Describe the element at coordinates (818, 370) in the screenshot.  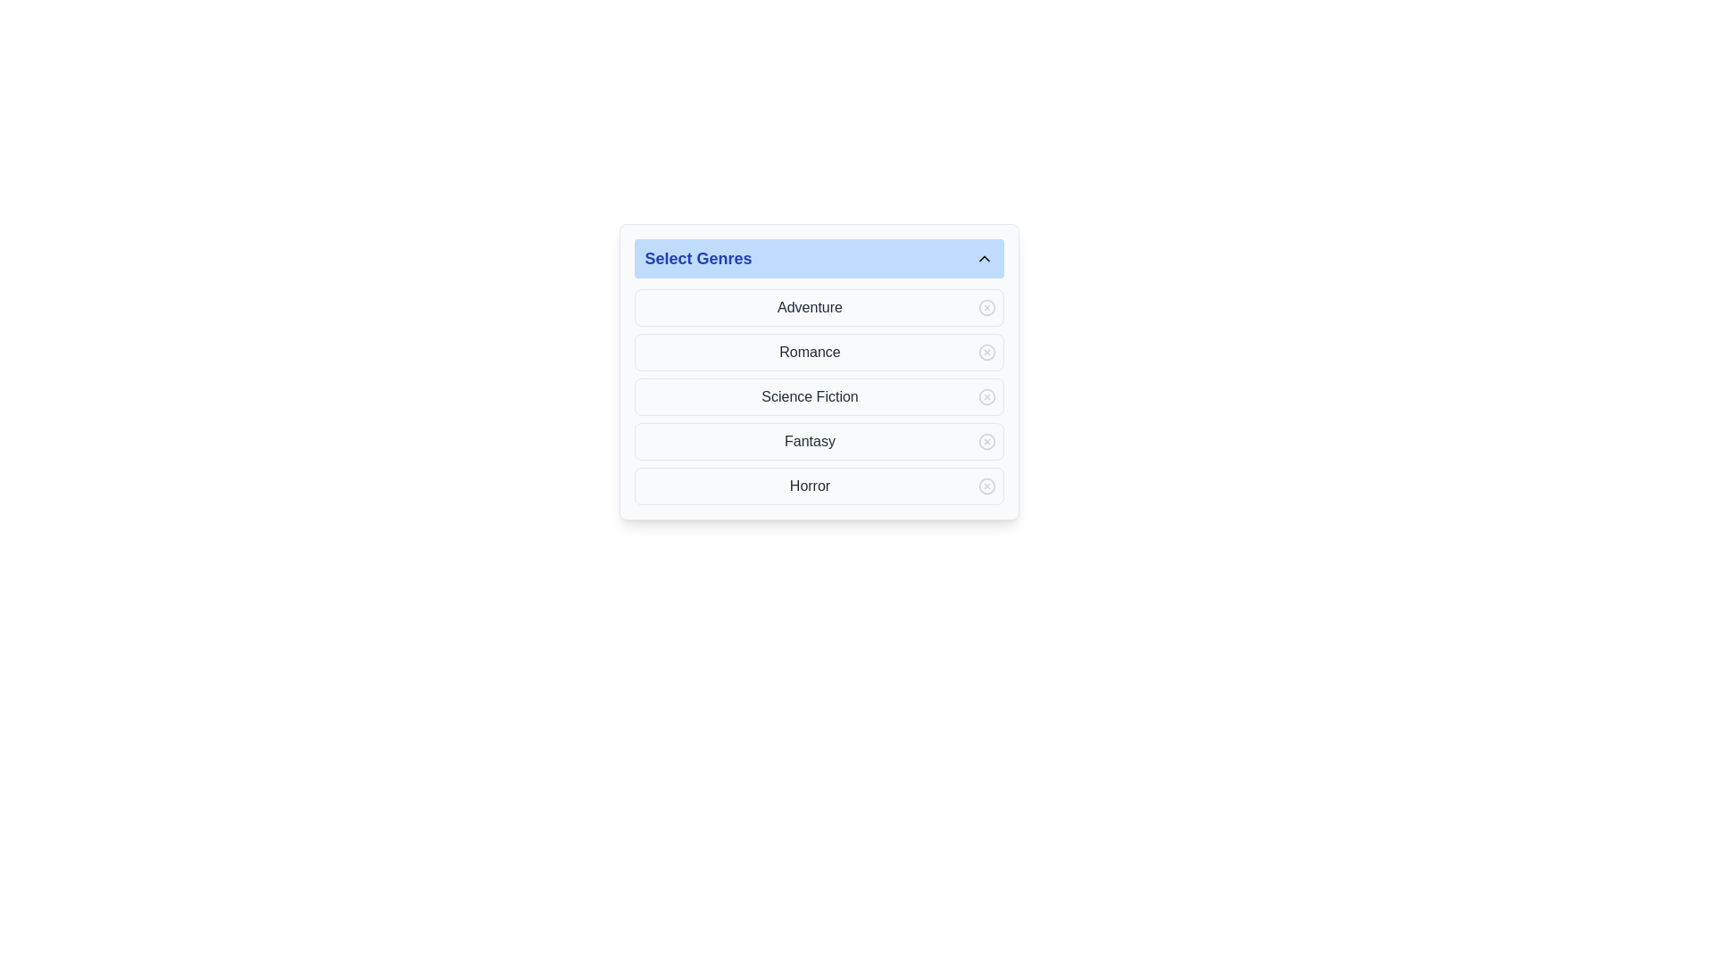
I see `the item in the Dropdown-style list selector located below the title 'Select Genres'` at that location.